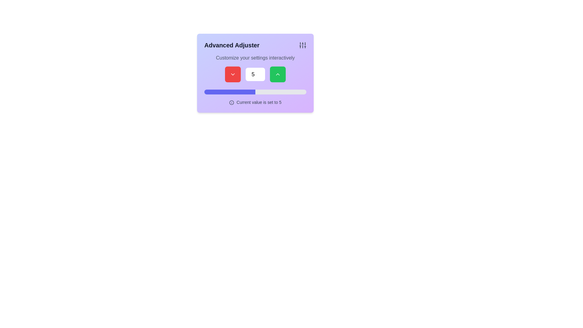 Image resolution: width=583 pixels, height=328 pixels. I want to click on the 'Advanced Adjuster' interactive adjustment panel, so click(255, 73).